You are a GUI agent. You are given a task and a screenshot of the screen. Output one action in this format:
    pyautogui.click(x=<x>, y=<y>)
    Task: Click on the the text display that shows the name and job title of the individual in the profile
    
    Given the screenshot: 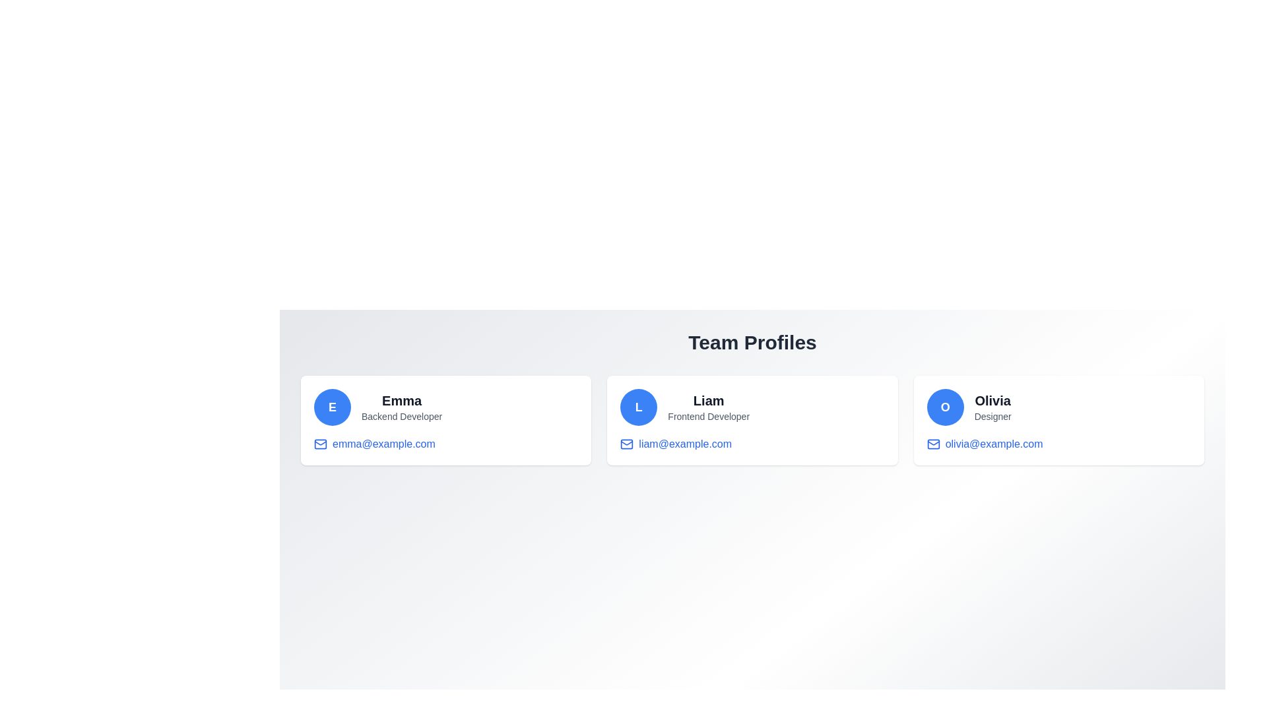 What is the action you would take?
    pyautogui.click(x=401, y=406)
    